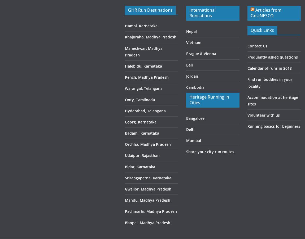 The height and width of the screenshot is (239, 305). I want to click on 'Ooty, Tamilnadu', so click(140, 99).